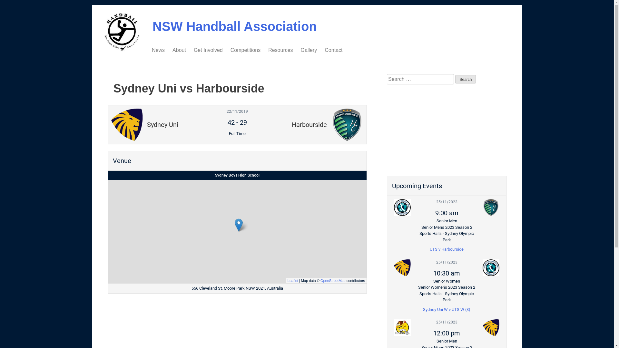 This screenshot has width=619, height=348. Describe the element at coordinates (402, 208) in the screenshot. I see `'UTS'` at that location.